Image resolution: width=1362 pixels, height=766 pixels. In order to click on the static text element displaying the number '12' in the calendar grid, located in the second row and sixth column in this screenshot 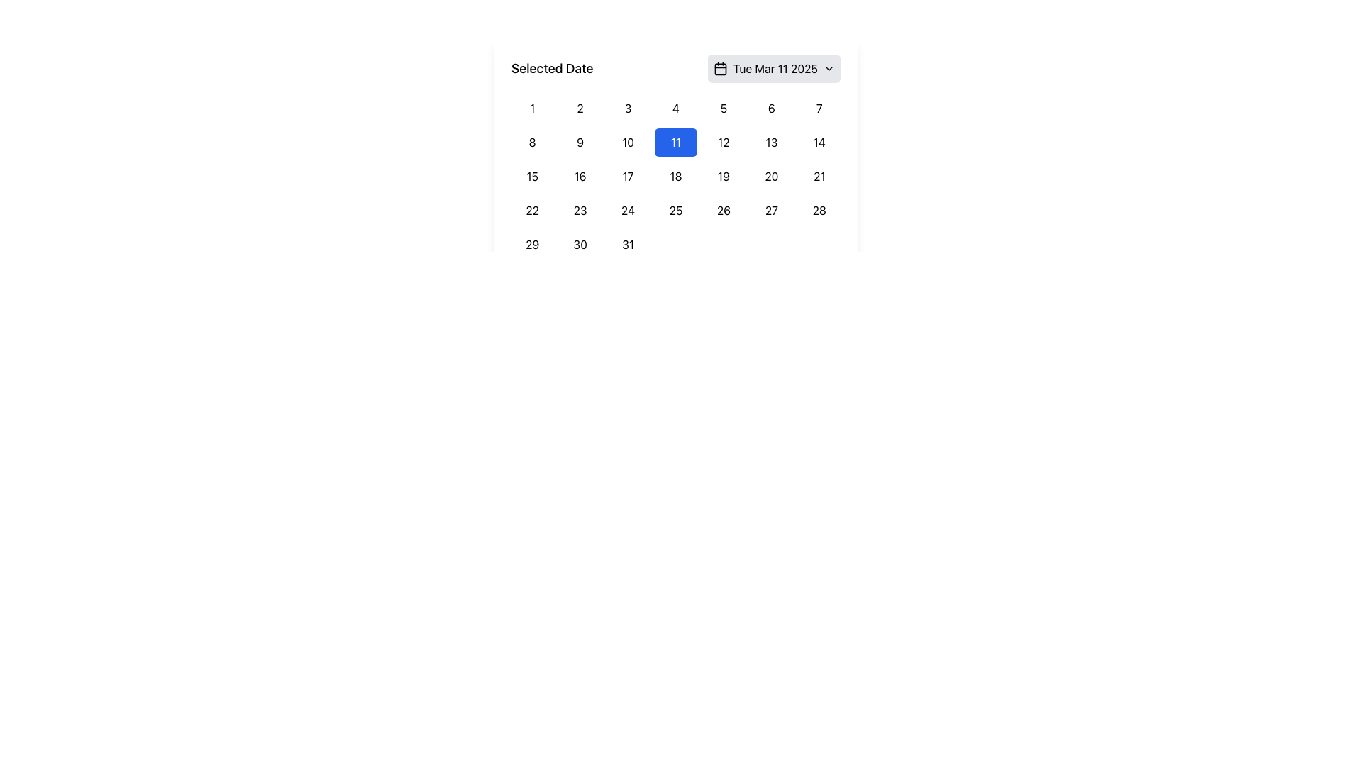, I will do `click(724, 142)`.